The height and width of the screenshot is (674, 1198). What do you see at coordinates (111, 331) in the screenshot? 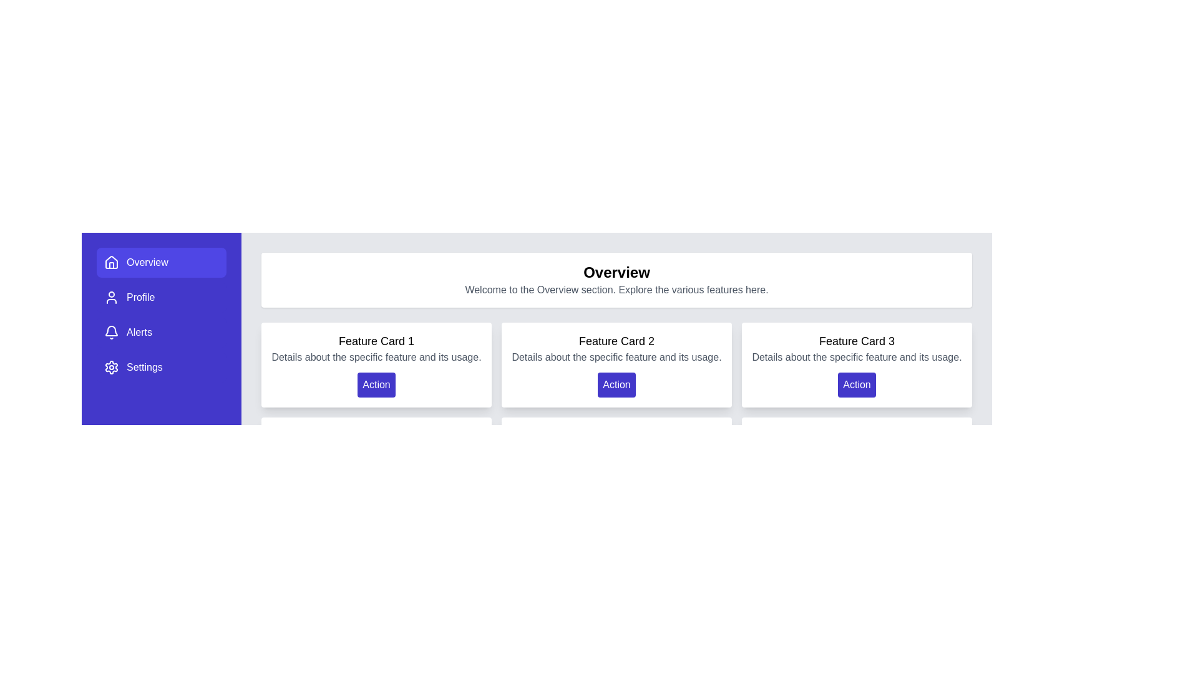
I see `the notification bell icon outlined in white on a purple background, located in the sidebar navigation menu next to the 'Alerts' text` at bounding box center [111, 331].